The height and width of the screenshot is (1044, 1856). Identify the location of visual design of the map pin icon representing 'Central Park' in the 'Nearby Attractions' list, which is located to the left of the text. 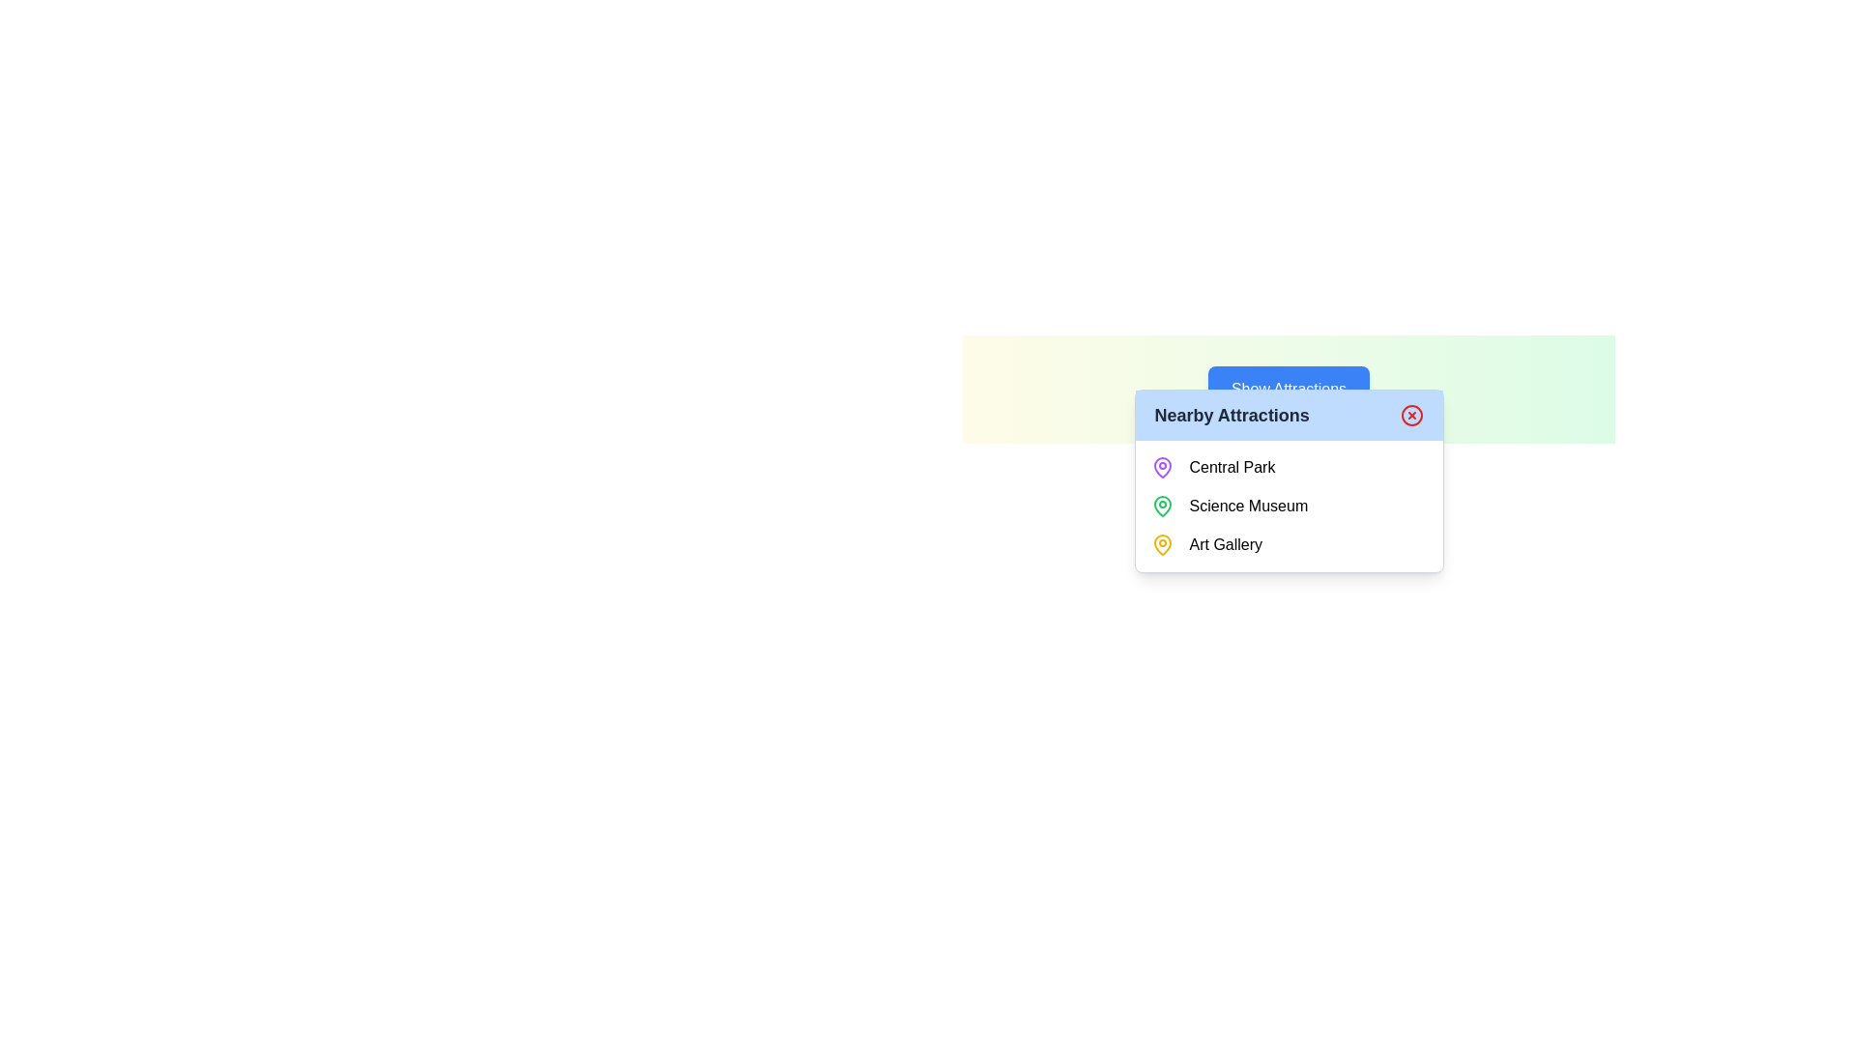
(1161, 467).